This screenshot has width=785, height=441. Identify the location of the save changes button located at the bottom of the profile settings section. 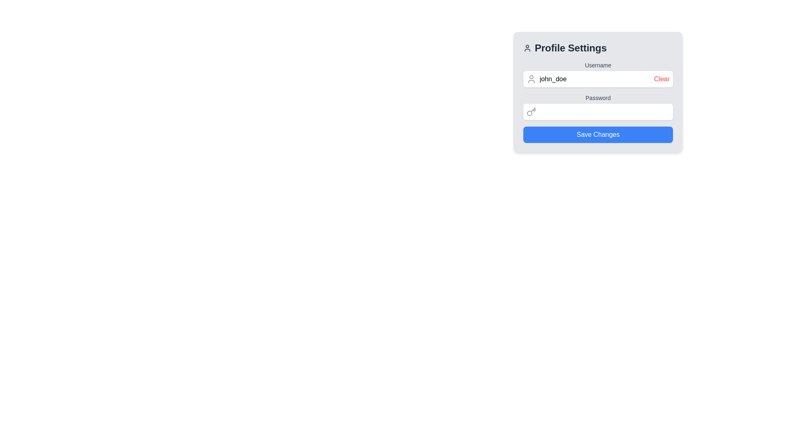
(598, 134).